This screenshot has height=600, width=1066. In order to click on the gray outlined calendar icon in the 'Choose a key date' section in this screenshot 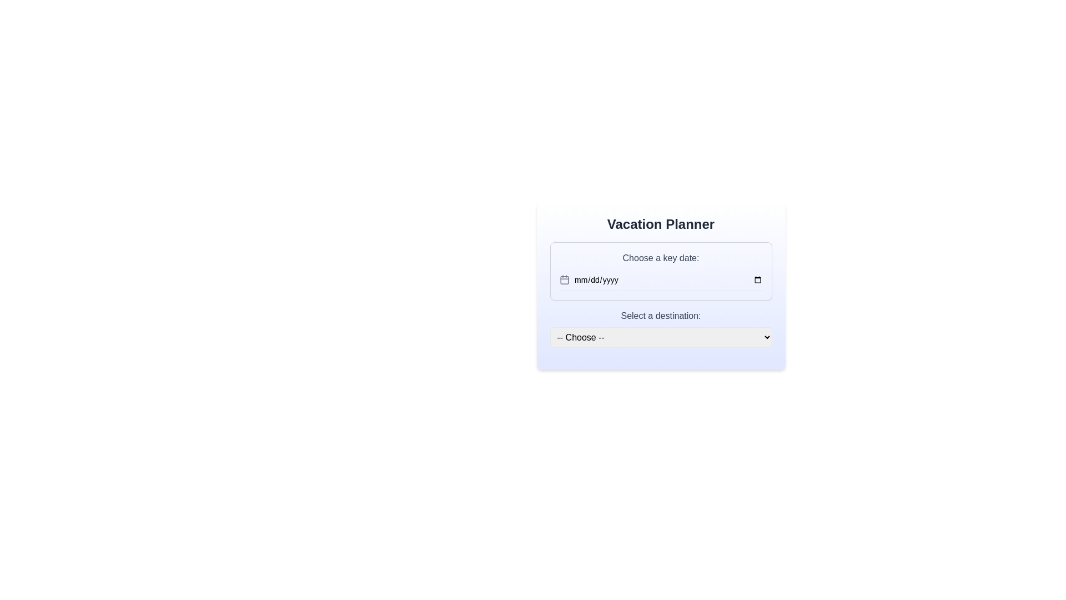, I will do `click(564, 279)`.